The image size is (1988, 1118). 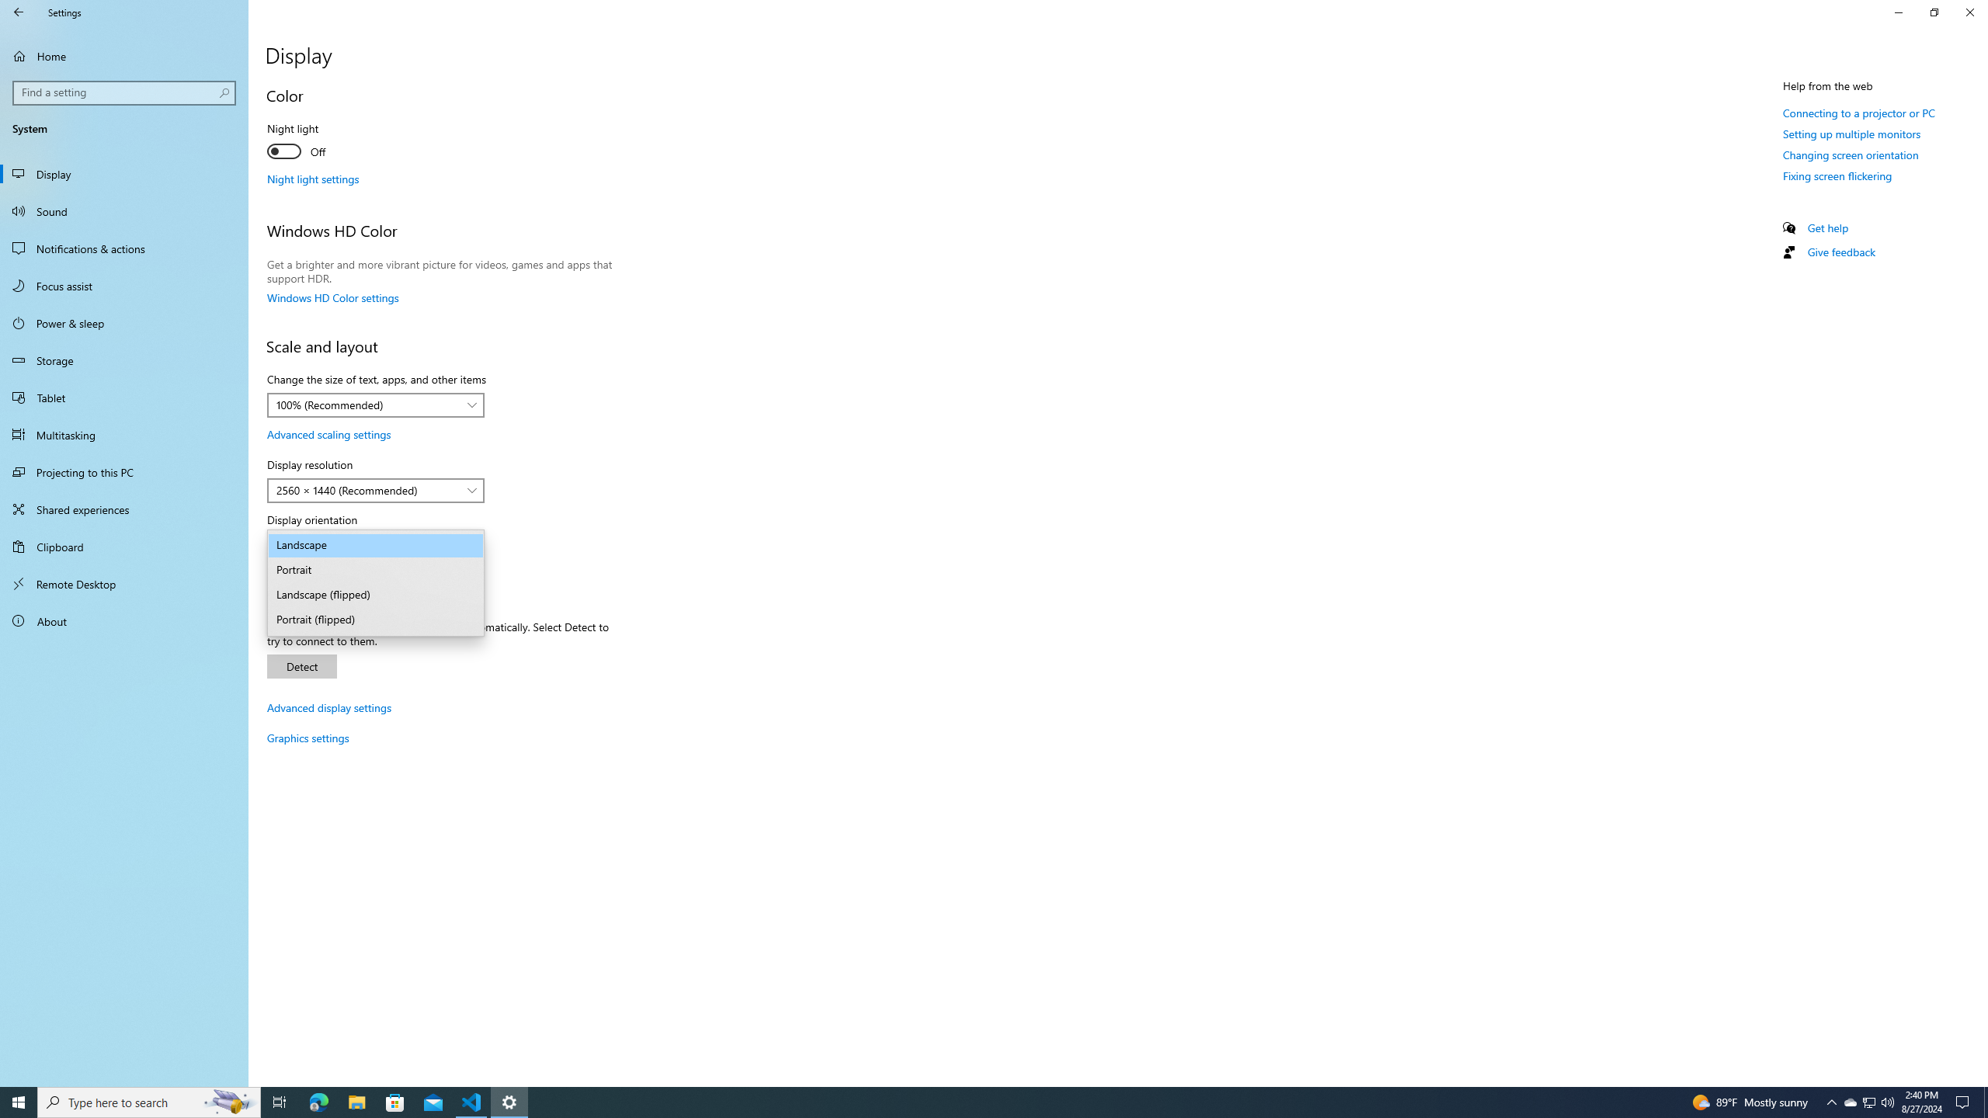 What do you see at coordinates (374, 544) in the screenshot?
I see `'Landscape'` at bounding box center [374, 544].